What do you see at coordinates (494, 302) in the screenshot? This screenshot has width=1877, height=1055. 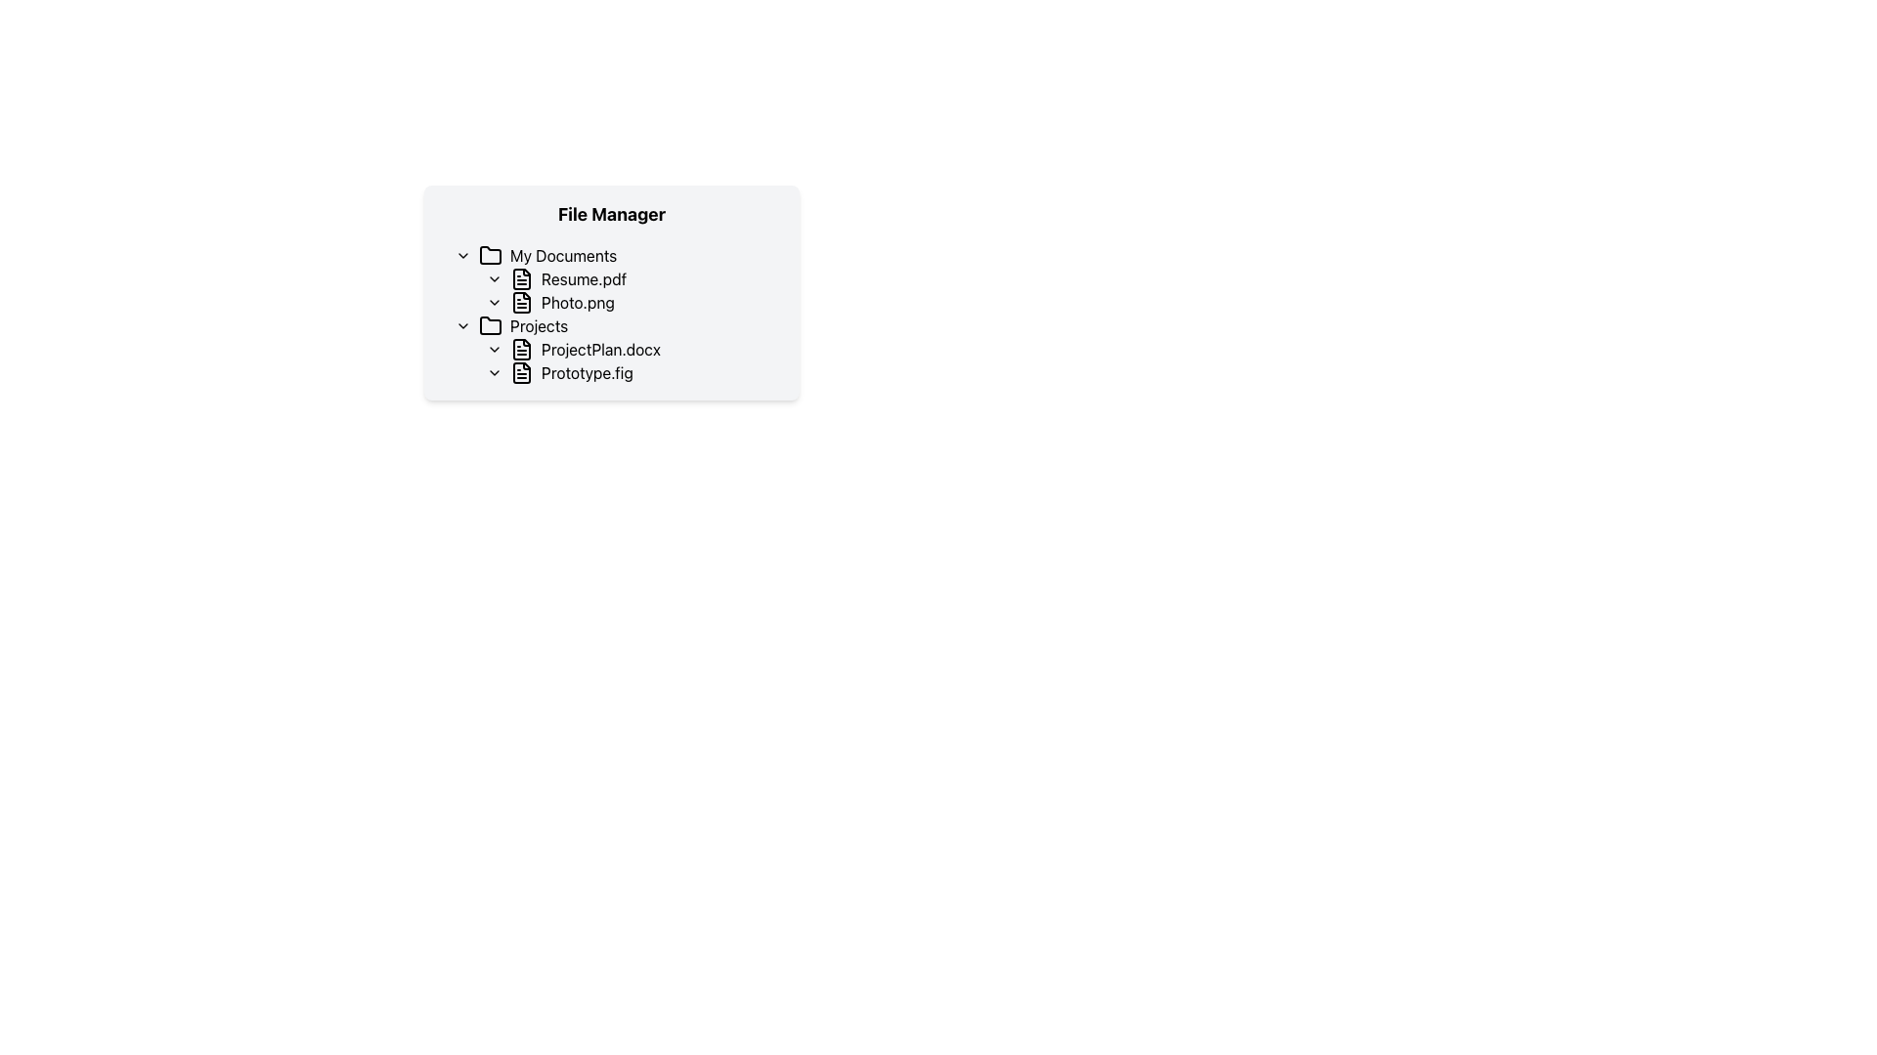 I see `the chevron icon for expanding/collapsing associated with the 'Photo.png' entry` at bounding box center [494, 302].